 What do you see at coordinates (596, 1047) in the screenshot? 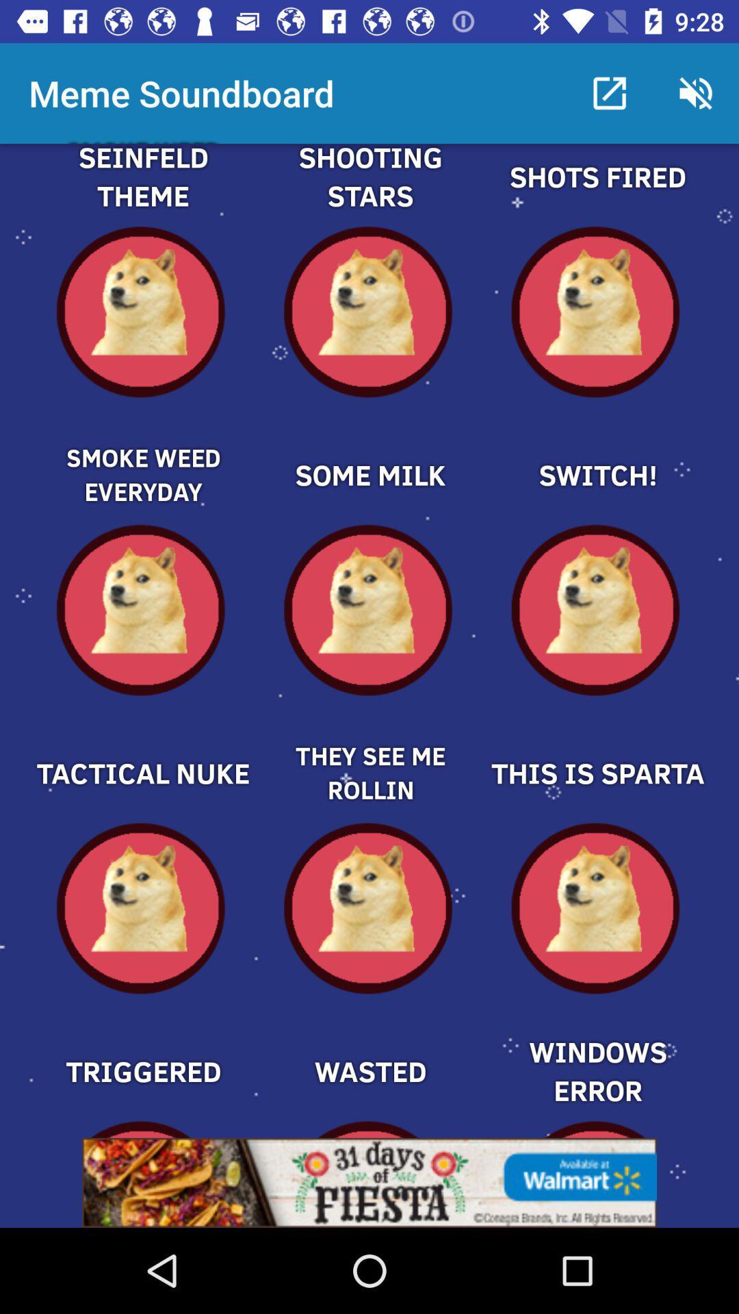
I see `choose windows error` at bounding box center [596, 1047].